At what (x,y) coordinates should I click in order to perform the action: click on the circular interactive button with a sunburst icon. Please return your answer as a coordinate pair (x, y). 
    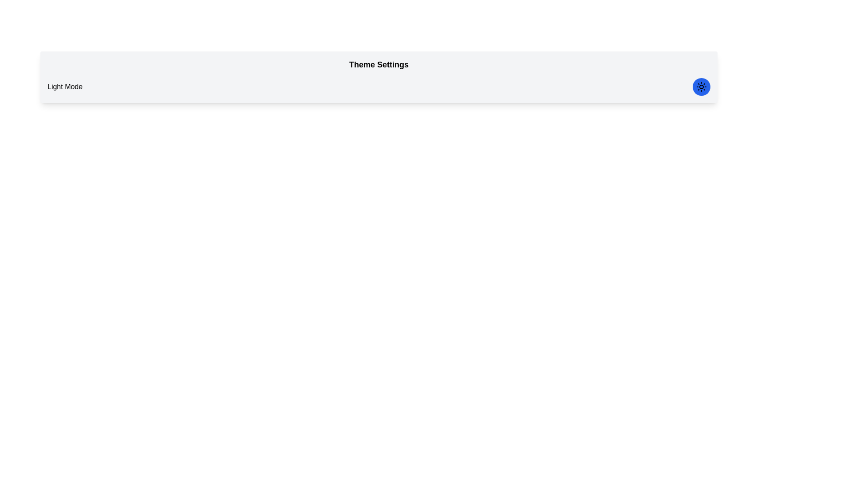
    Looking at the image, I should click on (701, 87).